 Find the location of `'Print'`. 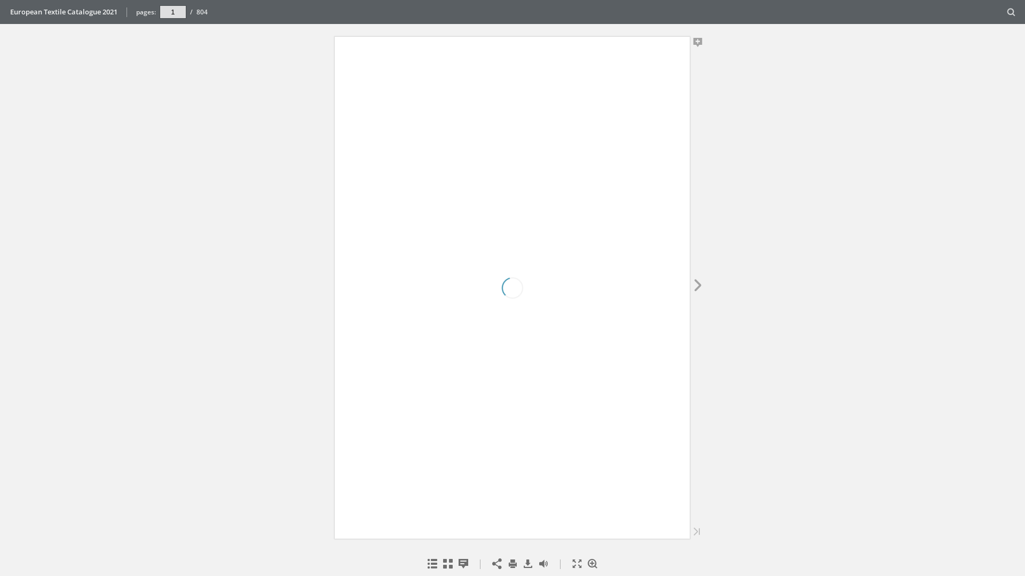

'Print' is located at coordinates (512, 563).